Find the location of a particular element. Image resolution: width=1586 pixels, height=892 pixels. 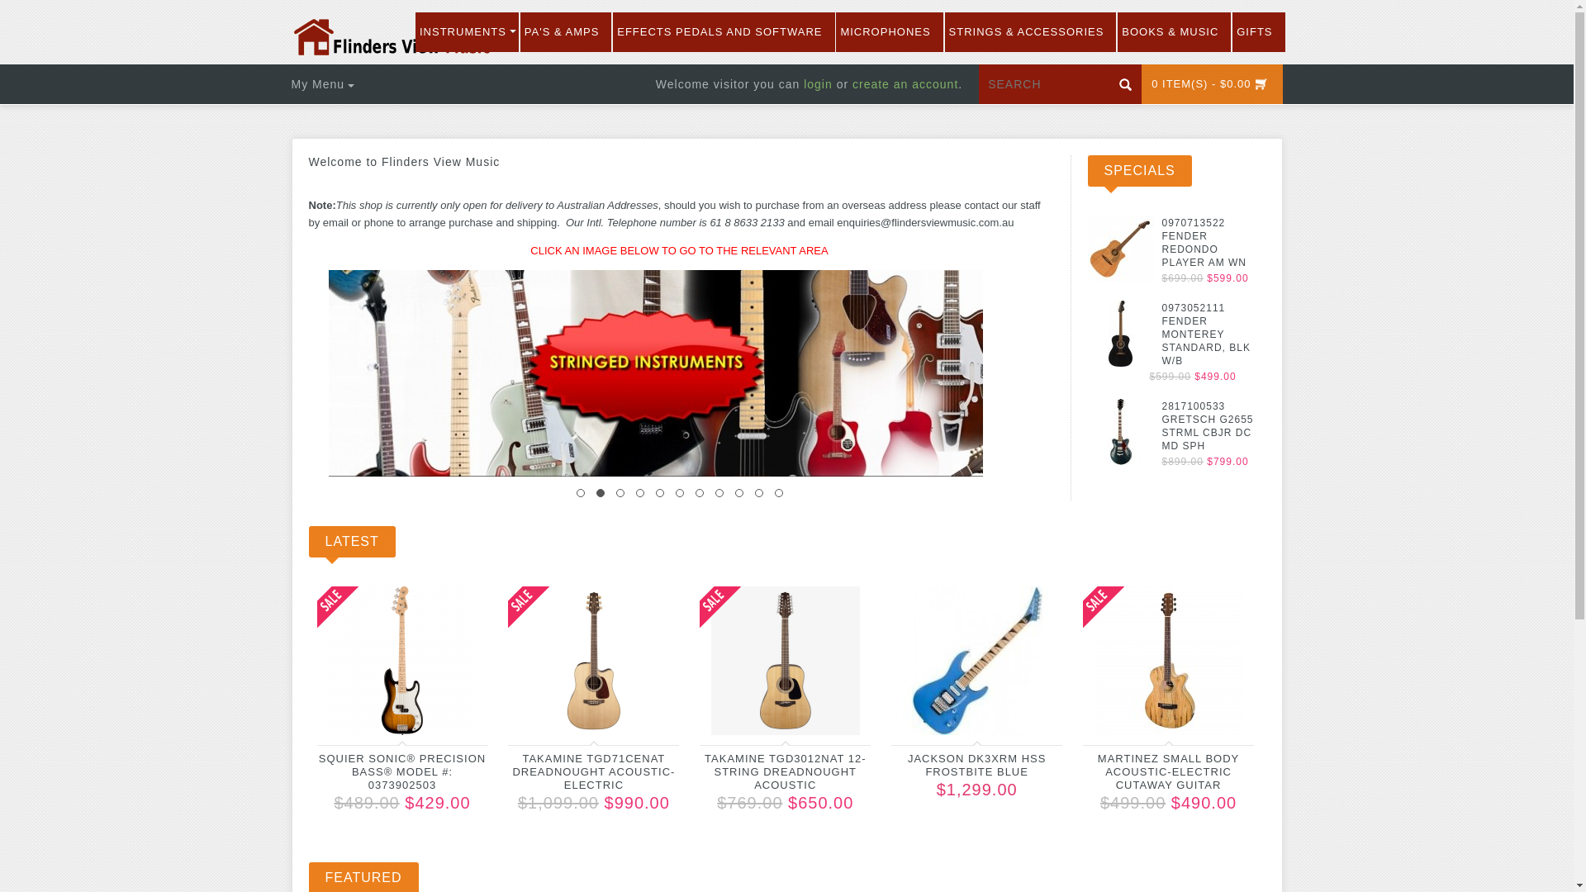

'GIFTS' is located at coordinates (1232, 31).